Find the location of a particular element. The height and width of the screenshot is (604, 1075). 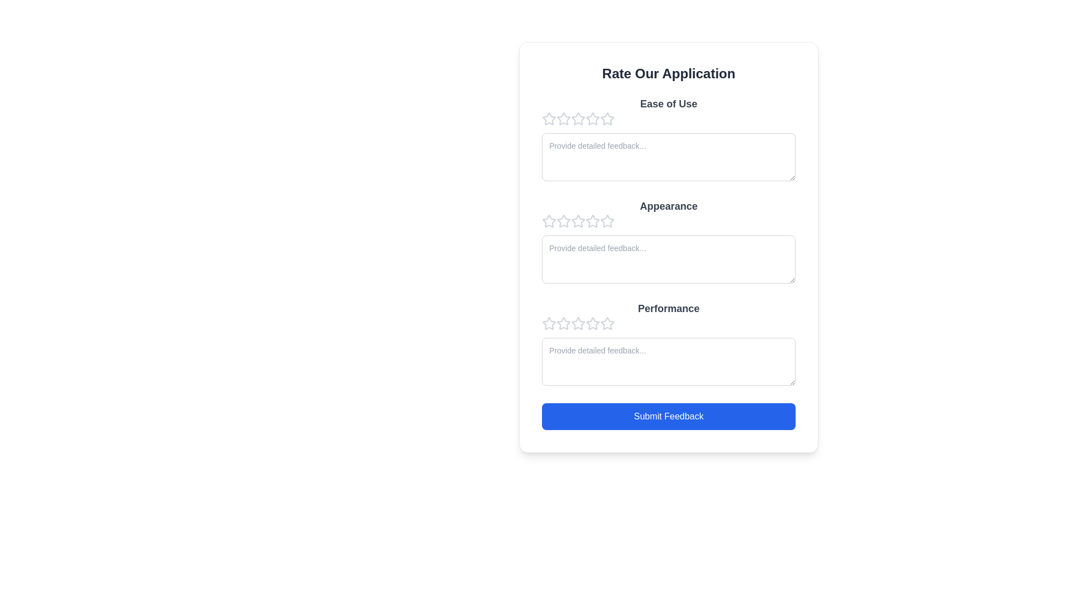

the first star in the third row of the star rating component in the 'Performance' section is located at coordinates (564, 323).